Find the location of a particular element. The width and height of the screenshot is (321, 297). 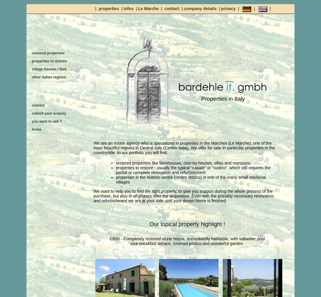

'restored properties' is located at coordinates (32, 53).